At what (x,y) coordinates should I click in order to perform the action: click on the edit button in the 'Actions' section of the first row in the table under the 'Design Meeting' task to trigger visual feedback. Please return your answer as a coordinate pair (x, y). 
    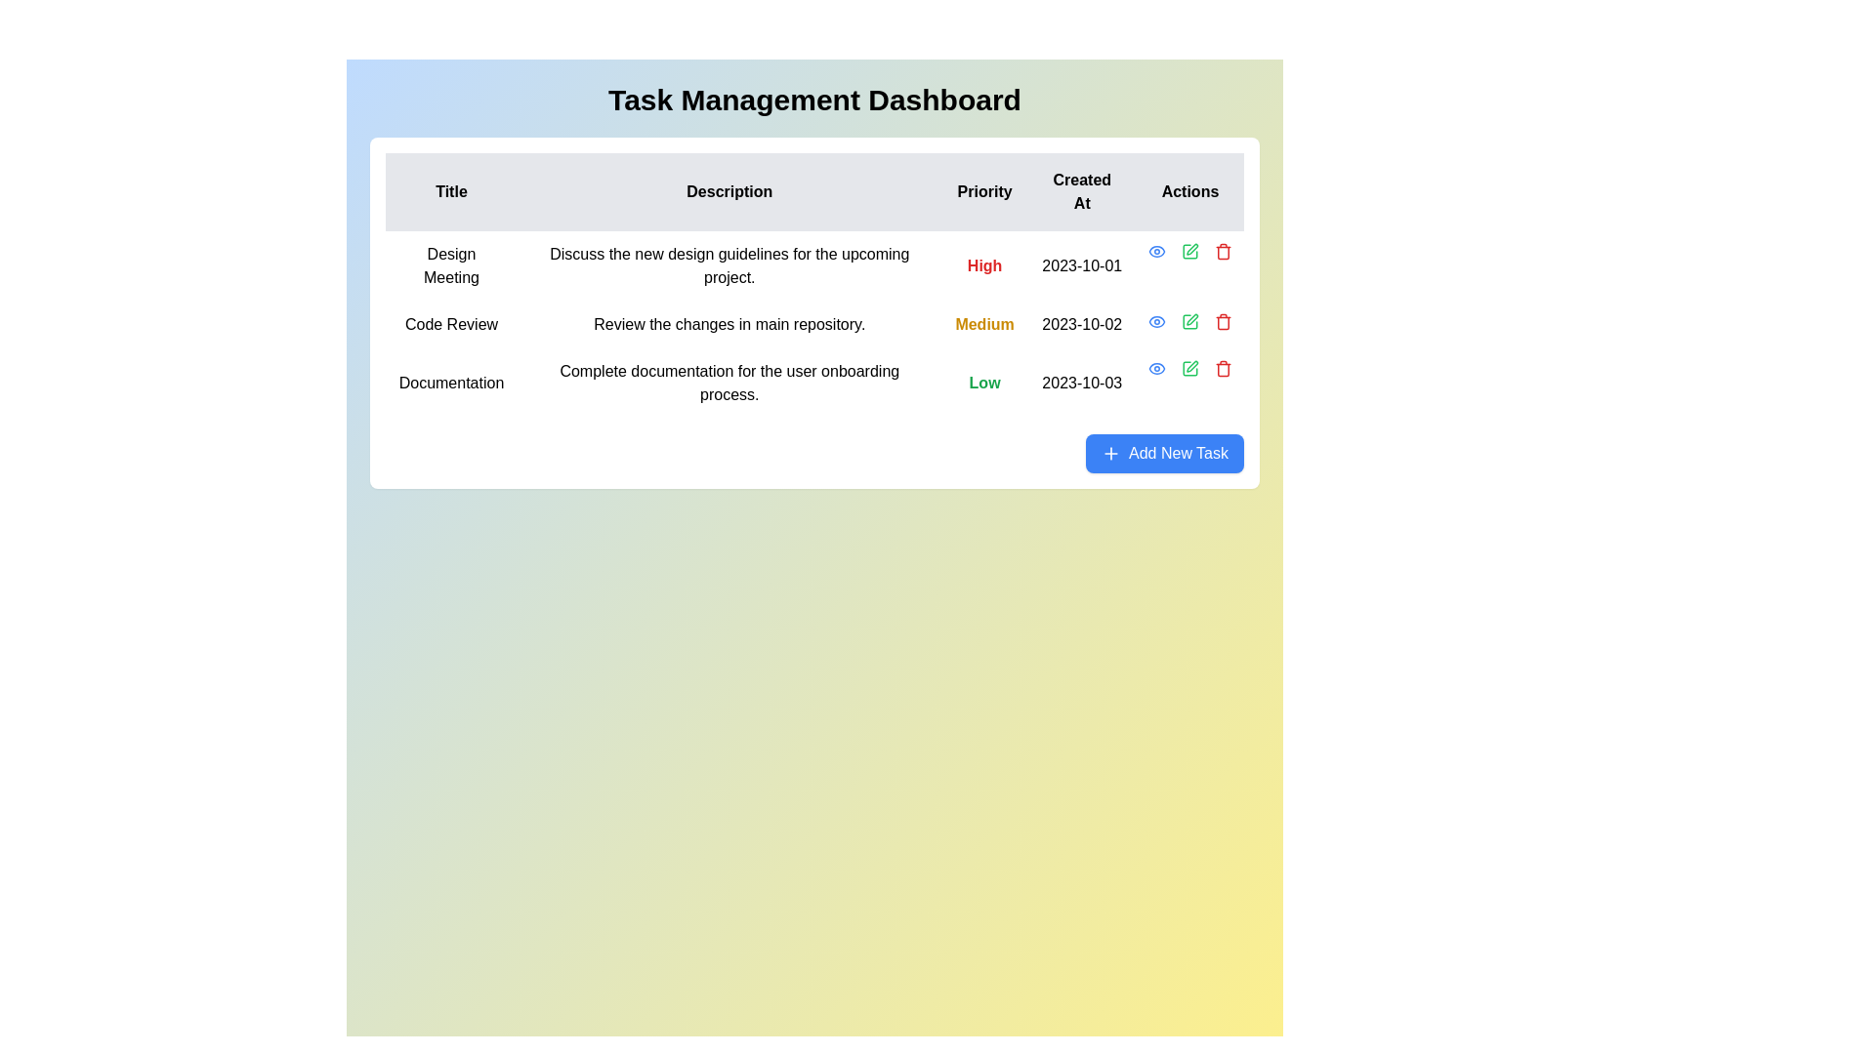
    Looking at the image, I should click on (1189, 251).